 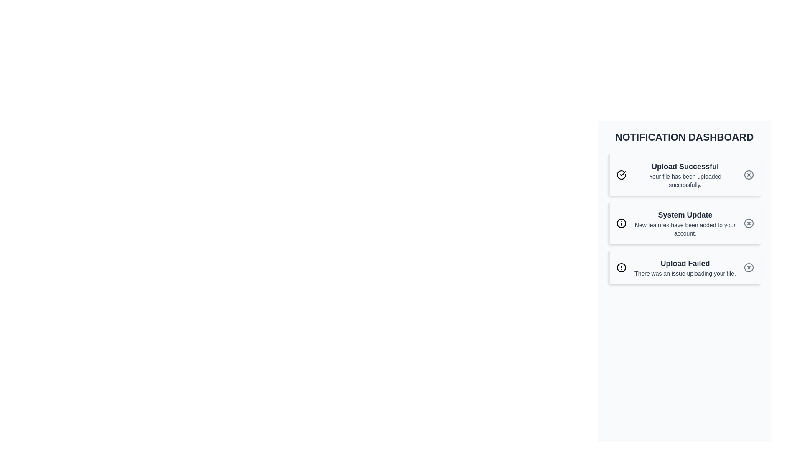 I want to click on the close button located at the far right side of the 'Upload Failed' notification block to trigger the hover effect, so click(x=749, y=267).